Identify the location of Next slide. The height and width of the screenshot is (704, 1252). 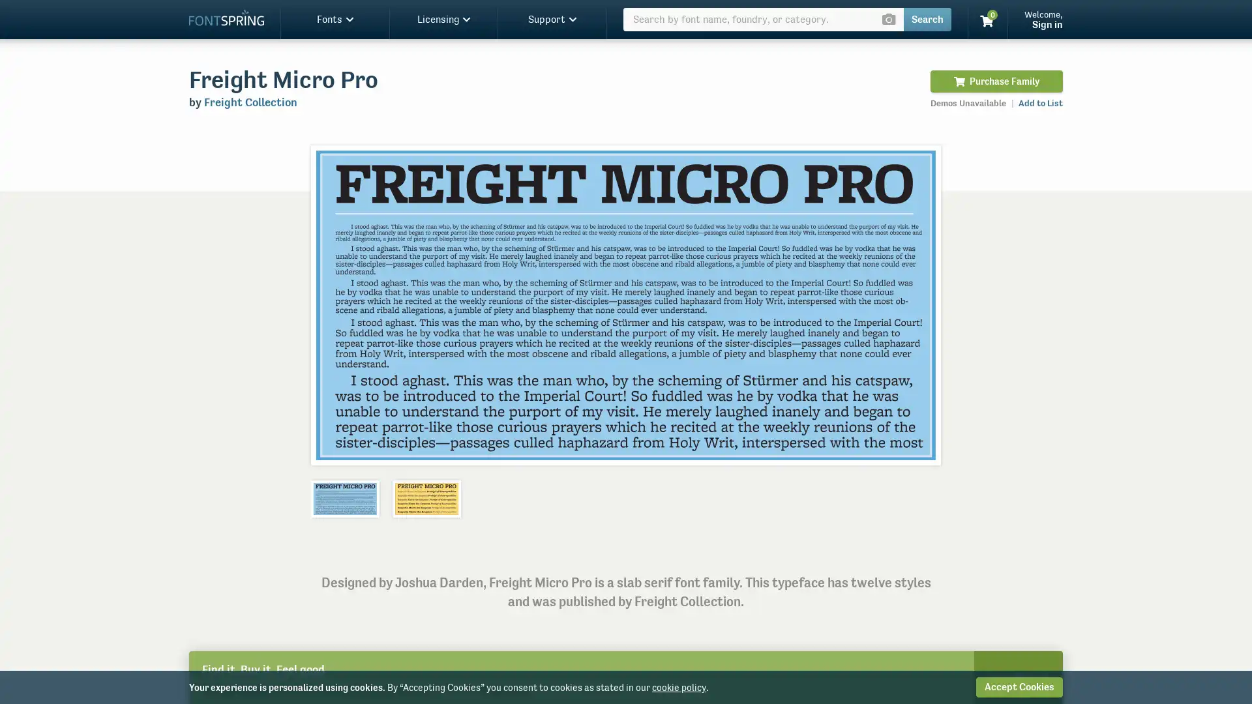
(916, 304).